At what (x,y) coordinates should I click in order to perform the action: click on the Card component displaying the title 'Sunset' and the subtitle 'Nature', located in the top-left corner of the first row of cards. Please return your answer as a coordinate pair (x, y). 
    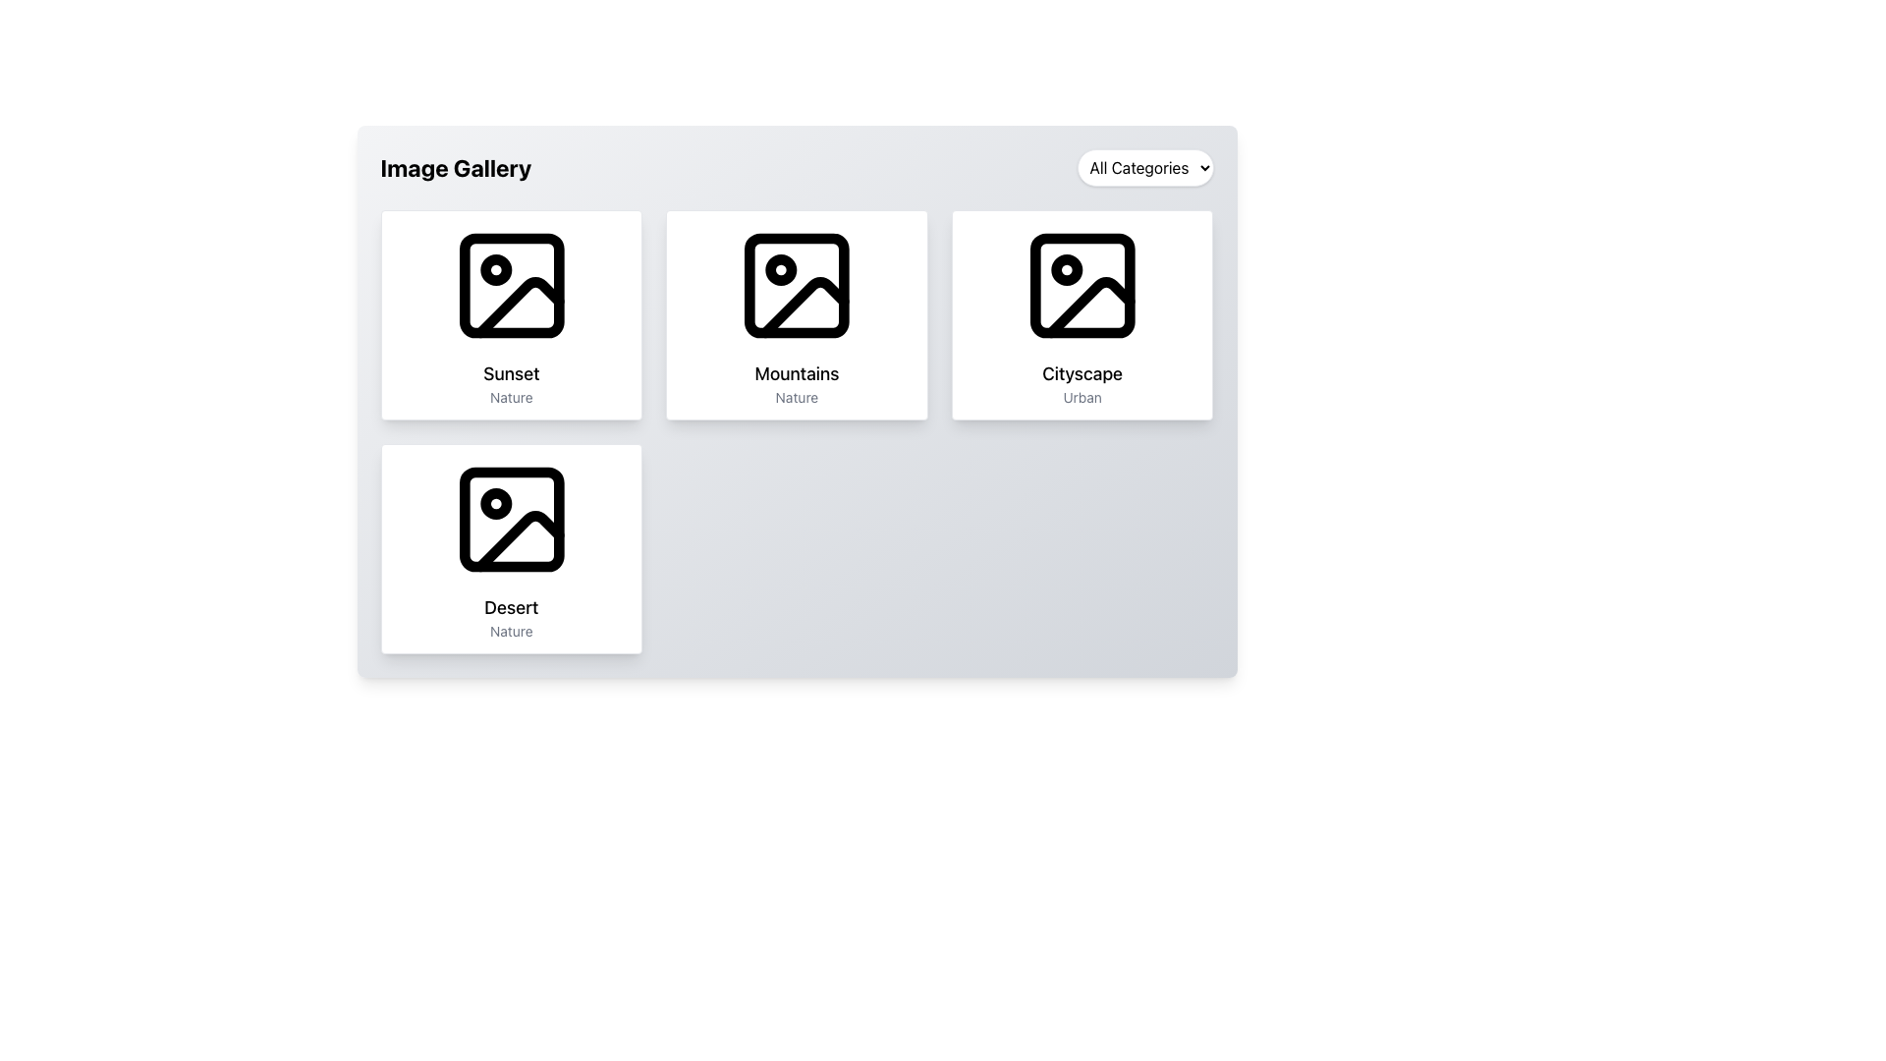
    Looking at the image, I should click on (511, 313).